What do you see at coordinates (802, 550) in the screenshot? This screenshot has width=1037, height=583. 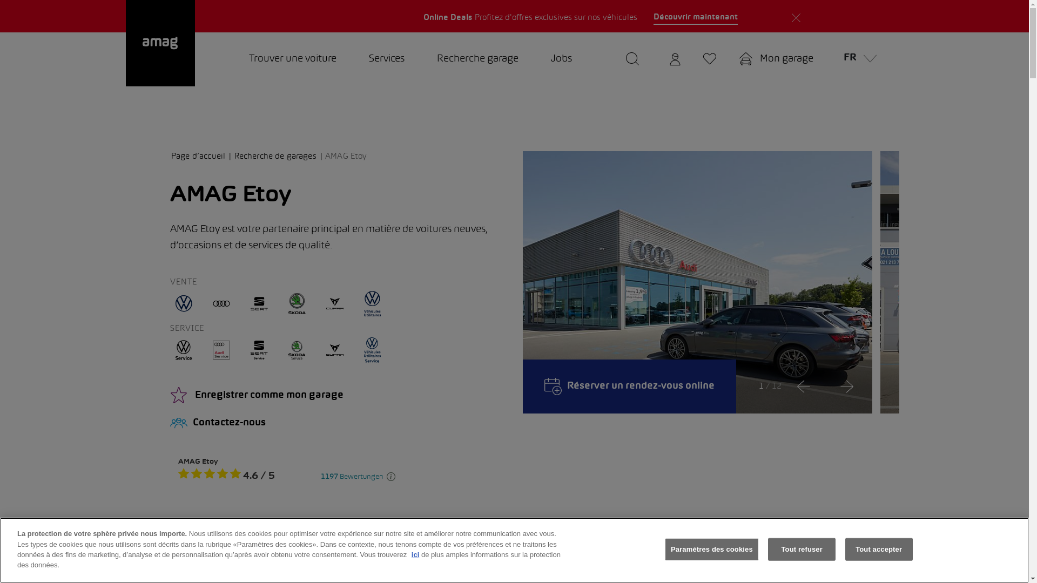 I see `'Tout refuser'` at bounding box center [802, 550].